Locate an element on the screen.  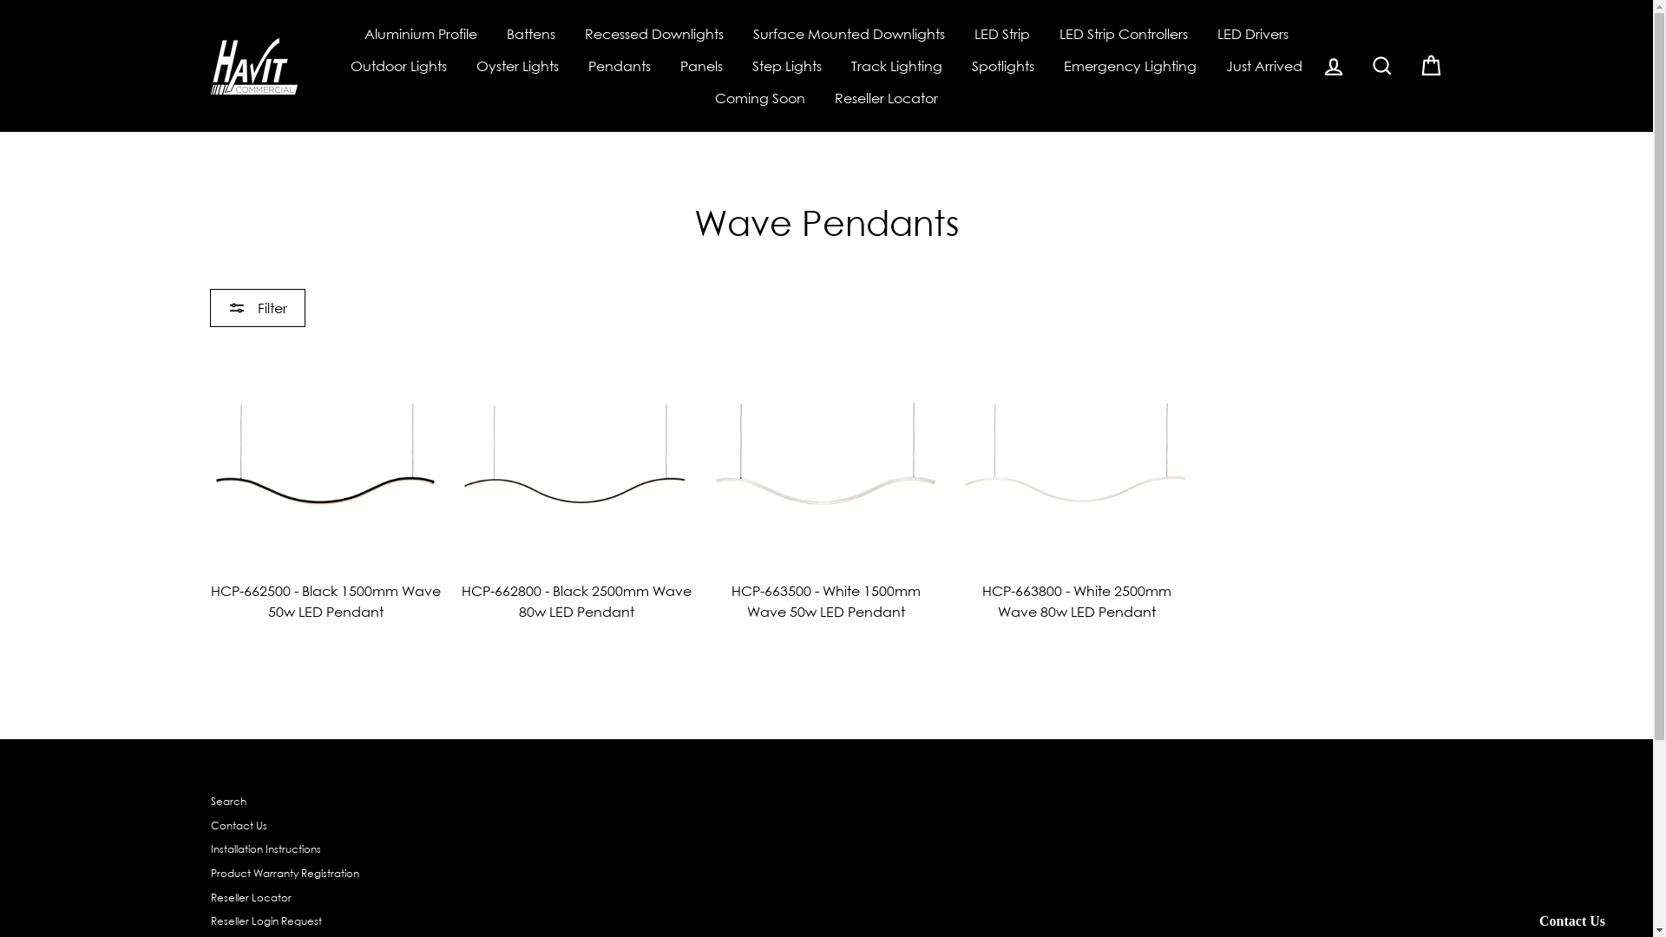
'Emergency Lighting' is located at coordinates (1130, 64).